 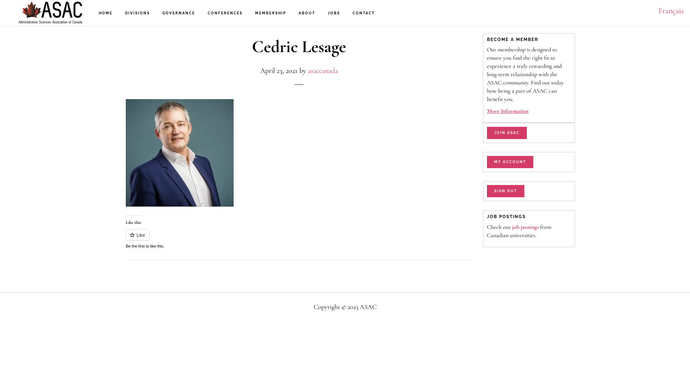 What do you see at coordinates (529, 111) in the screenshot?
I see `'More Information'` at bounding box center [529, 111].